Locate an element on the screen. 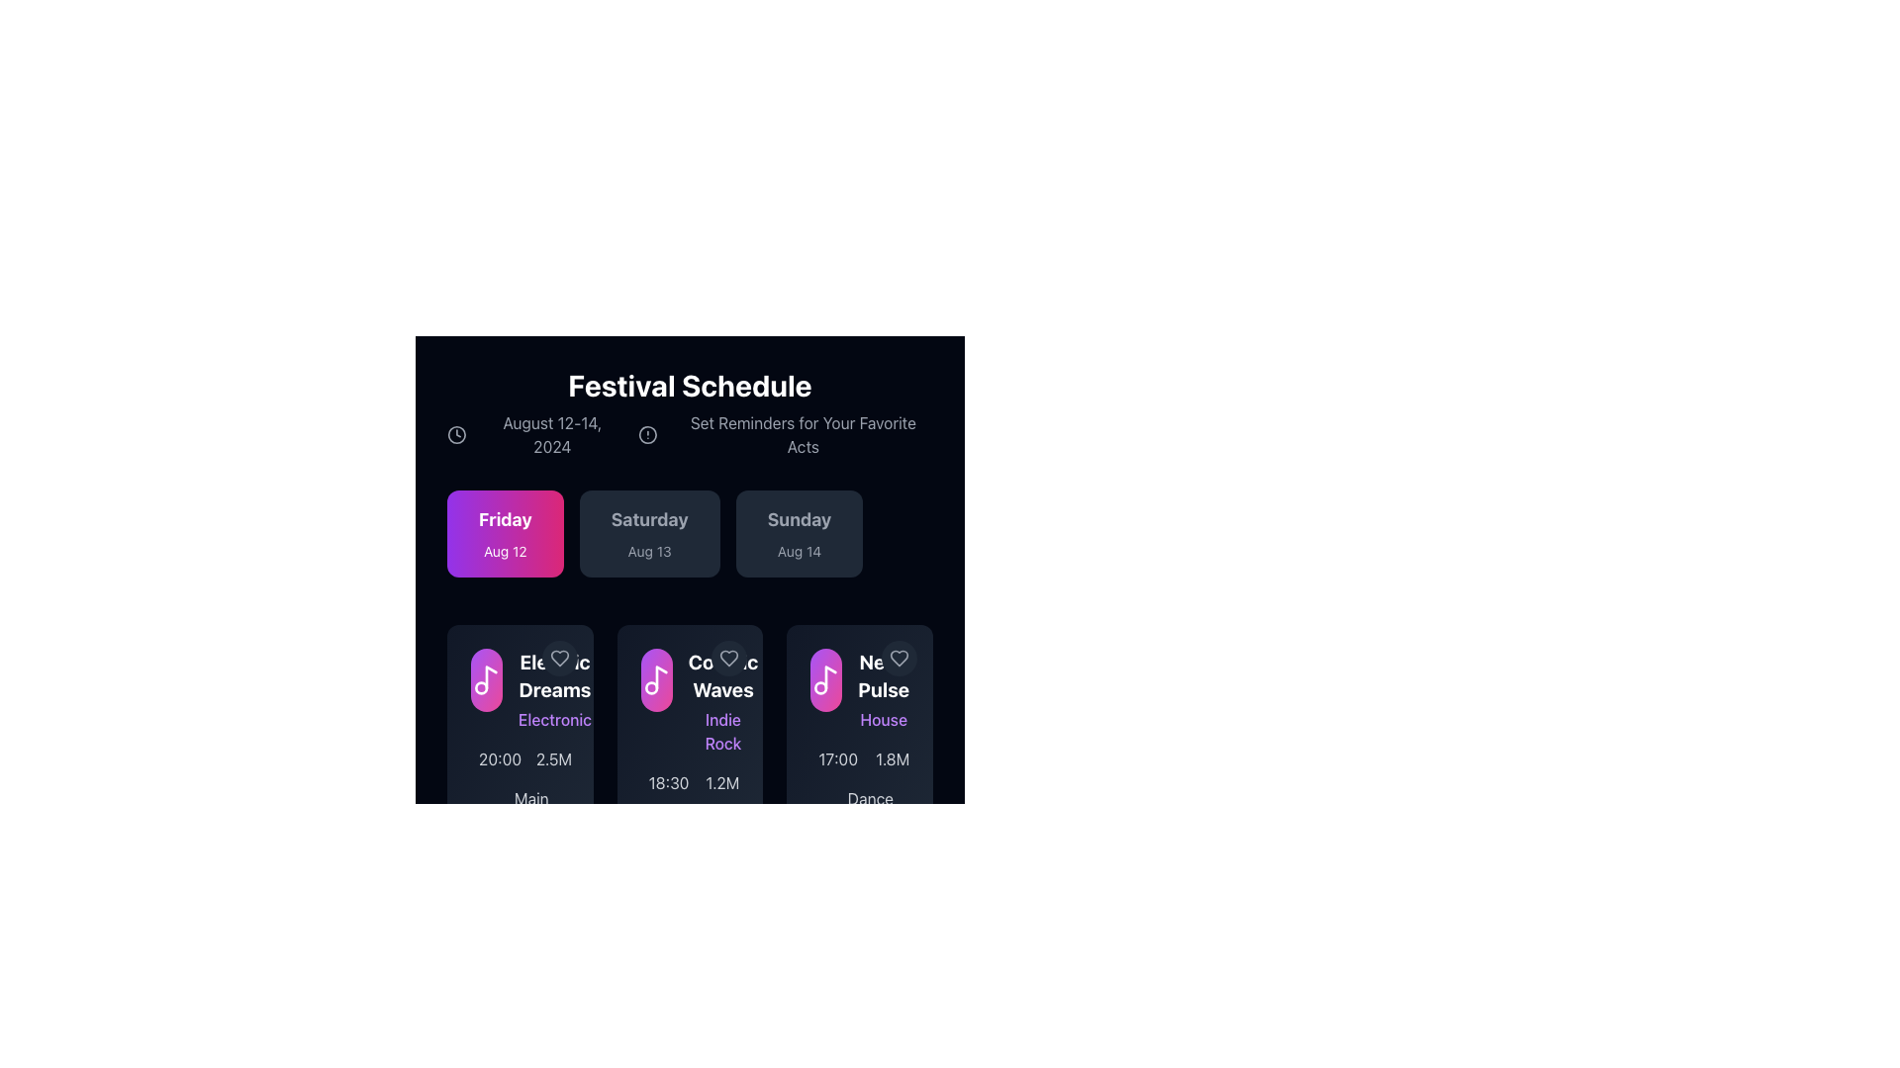  time displayed in the text label showing '17:00', which is located in the lower section of the 'Next Pulse' event card, aligned with other time labels is located at coordinates (838, 757).